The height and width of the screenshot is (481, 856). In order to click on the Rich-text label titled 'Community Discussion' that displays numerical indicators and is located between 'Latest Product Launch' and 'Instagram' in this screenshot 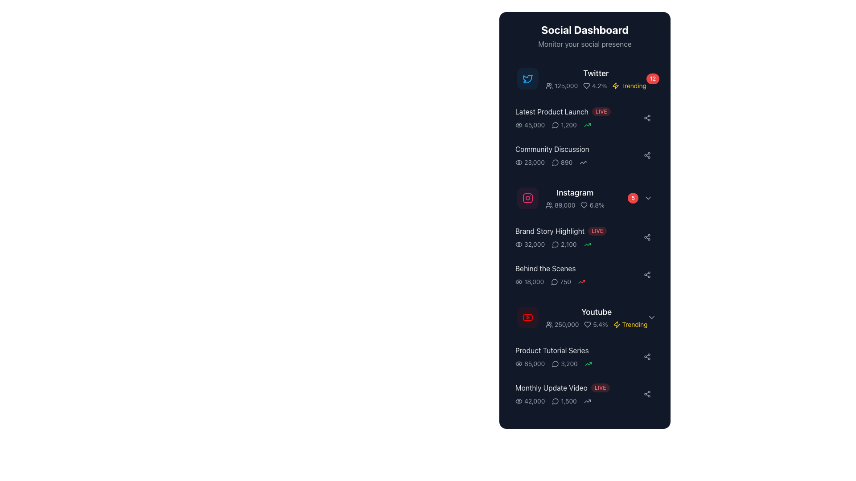, I will do `click(578, 155)`.